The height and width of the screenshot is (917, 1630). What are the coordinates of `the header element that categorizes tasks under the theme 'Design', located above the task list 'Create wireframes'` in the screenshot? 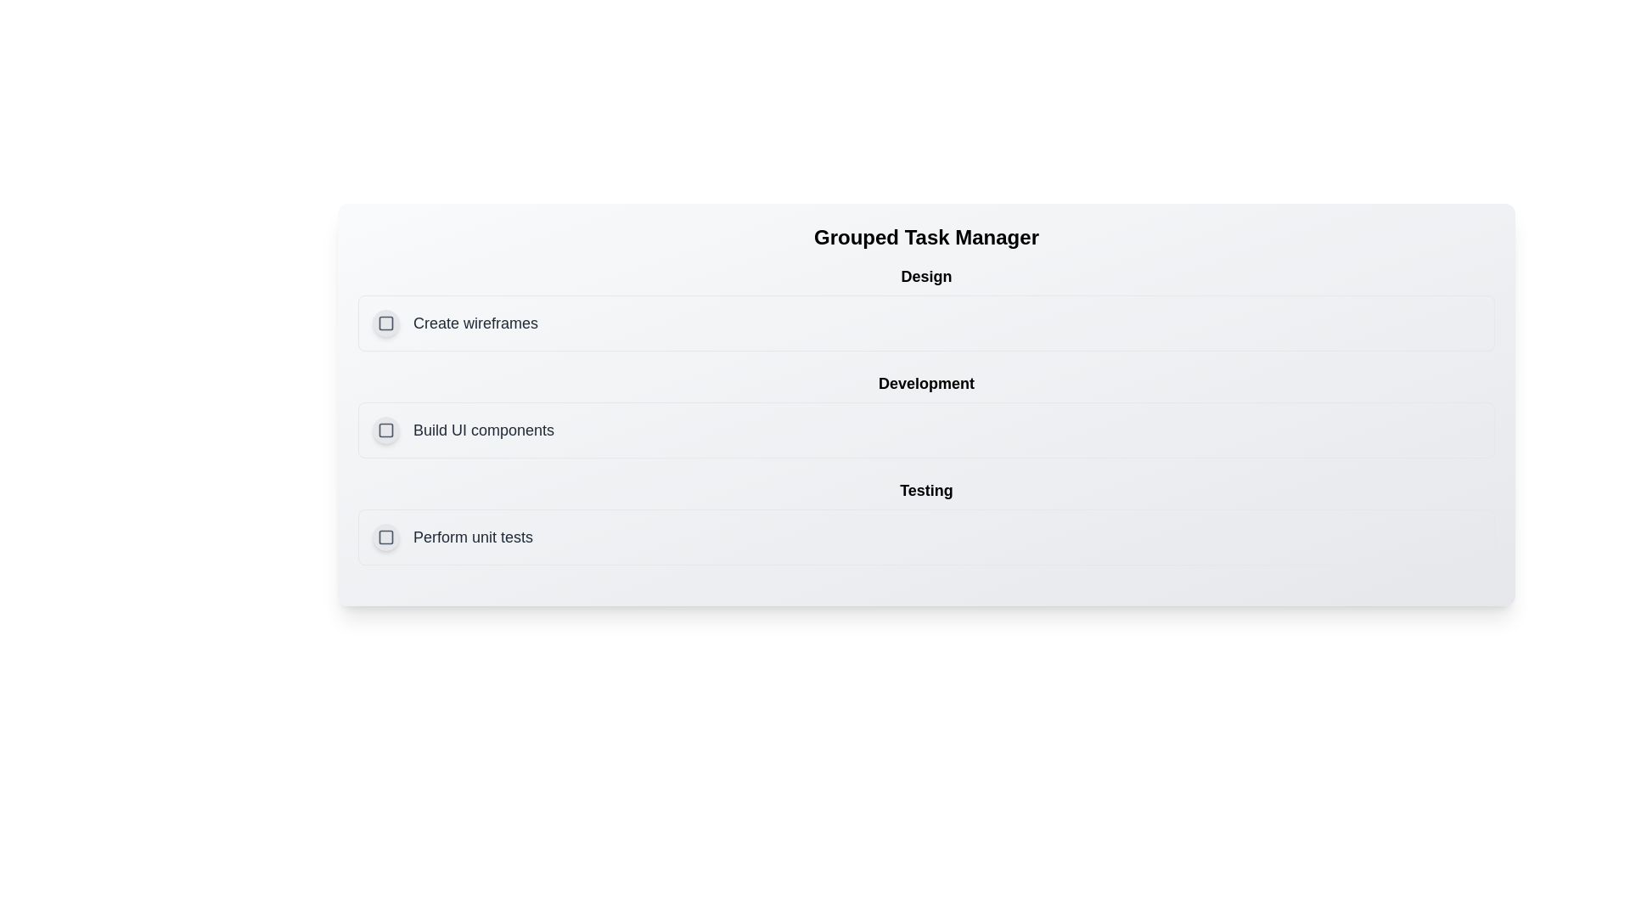 It's located at (925, 276).